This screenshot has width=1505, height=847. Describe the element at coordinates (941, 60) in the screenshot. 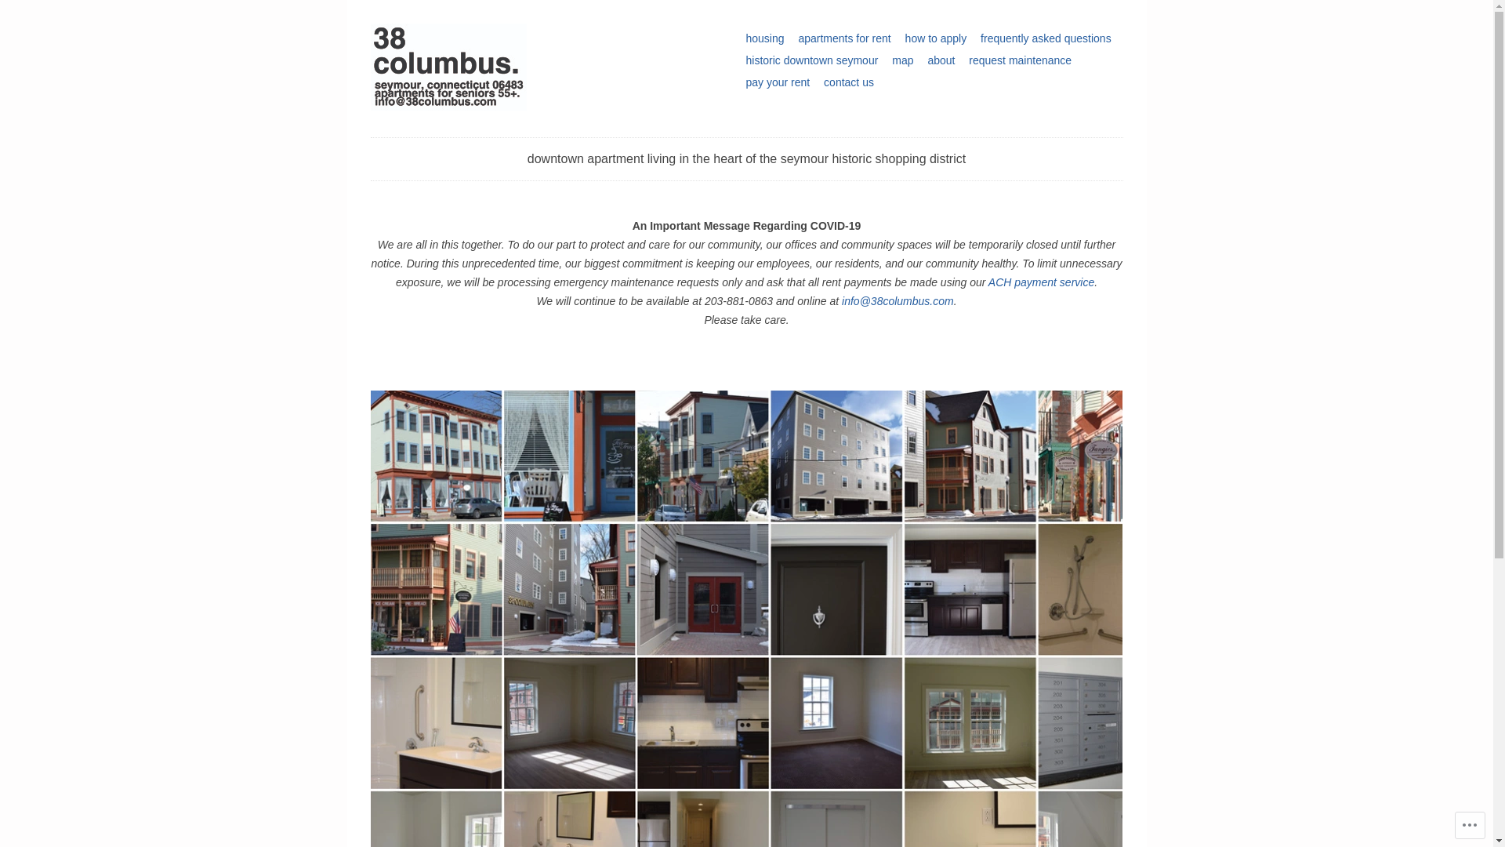

I see `'about'` at that location.